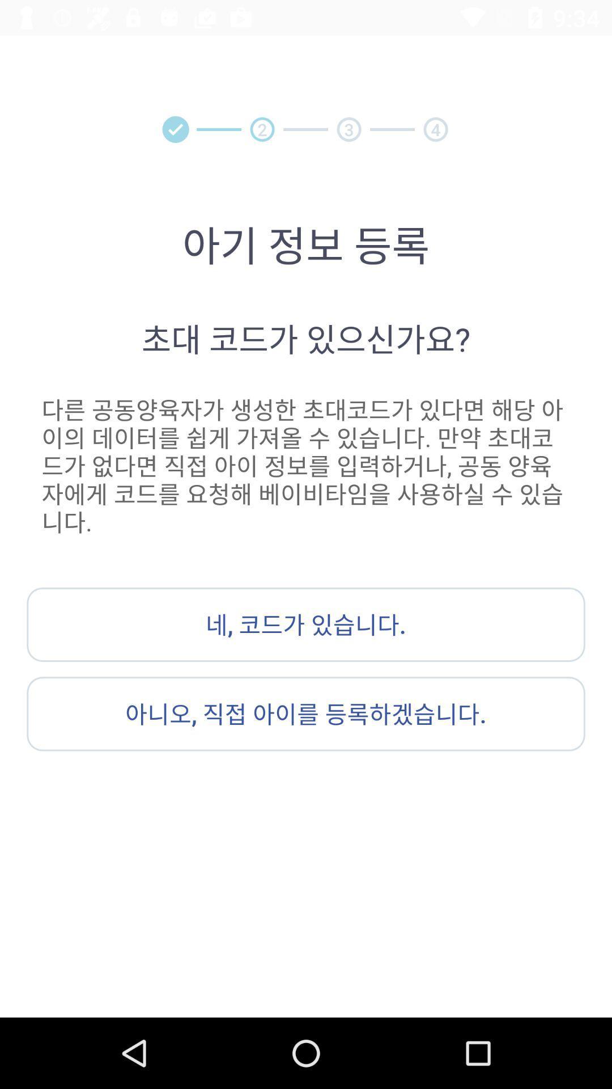 The width and height of the screenshot is (612, 1089). What do you see at coordinates (435, 129) in the screenshot?
I see `the 4 at the top right corner` at bounding box center [435, 129].